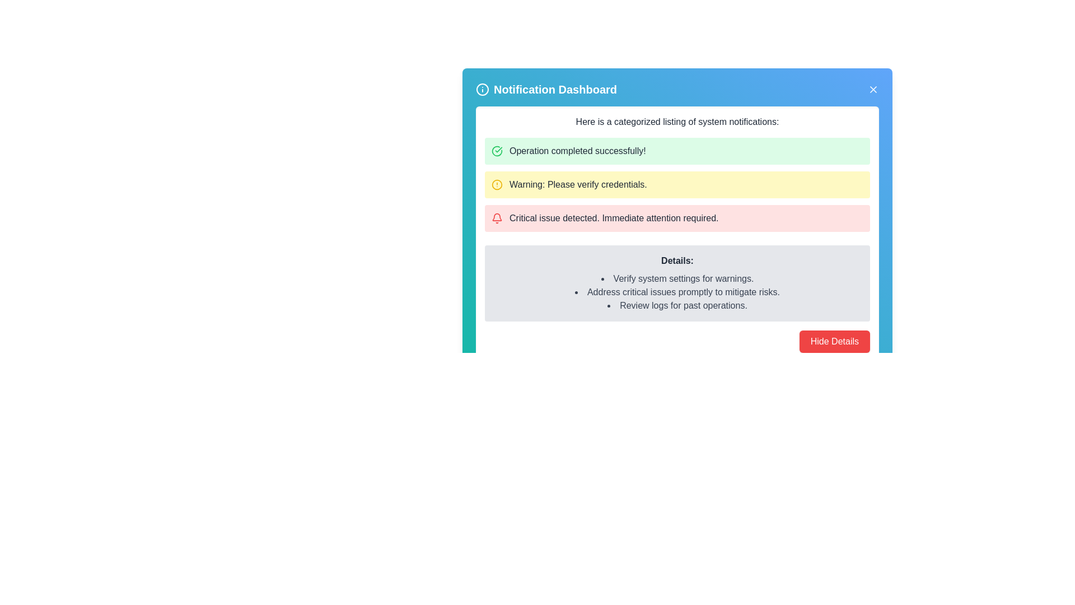 The width and height of the screenshot is (1075, 605). What do you see at coordinates (873, 89) in the screenshot?
I see `the close button icon located in the top-right corner of the notification panel` at bounding box center [873, 89].